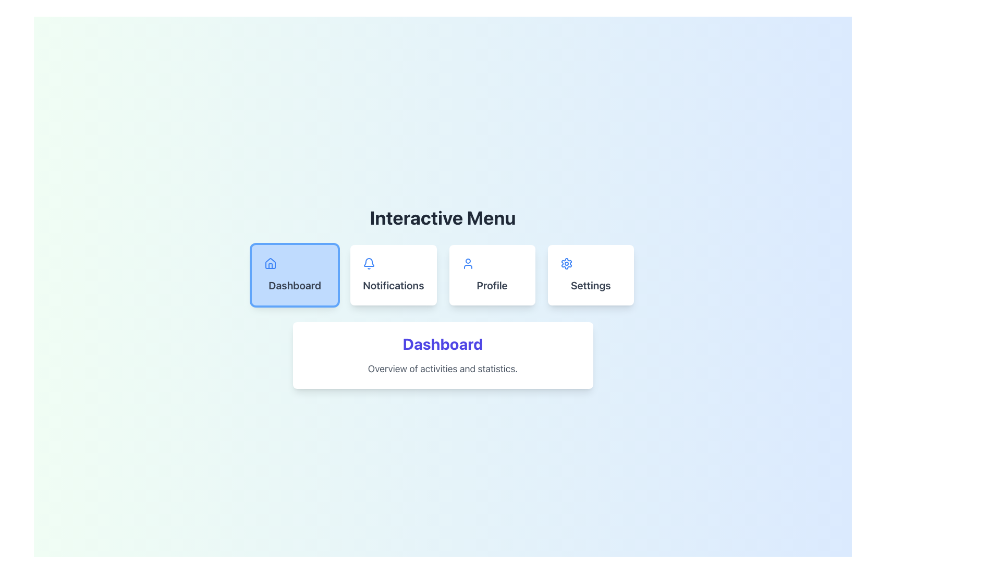 The width and height of the screenshot is (1001, 563). Describe the element at coordinates (492, 275) in the screenshot. I see `the 'Profile' button, which is the third card from the left in a row of four cards` at that location.